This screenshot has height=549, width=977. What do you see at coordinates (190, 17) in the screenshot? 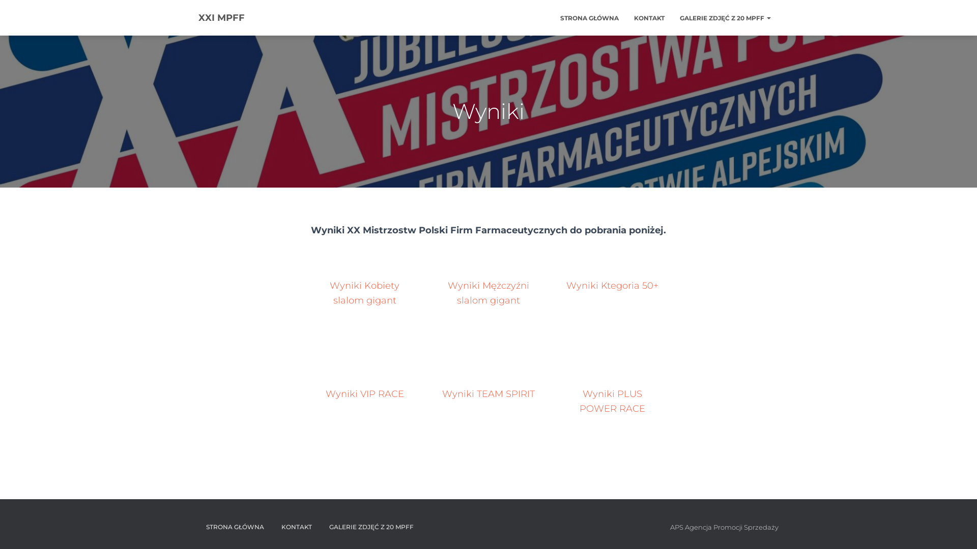
I see `'XXI MPFF'` at bounding box center [190, 17].